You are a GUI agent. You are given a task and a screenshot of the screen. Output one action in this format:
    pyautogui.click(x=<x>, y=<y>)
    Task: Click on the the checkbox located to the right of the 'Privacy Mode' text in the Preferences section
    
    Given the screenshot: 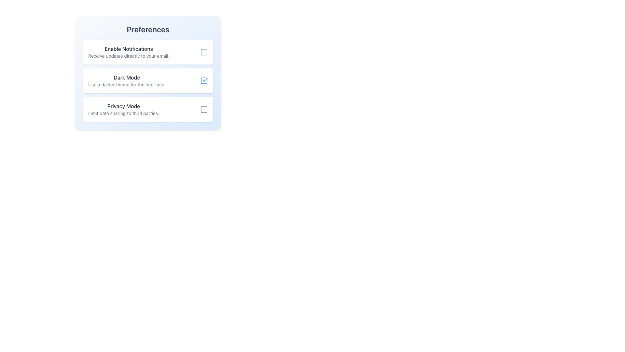 What is the action you would take?
    pyautogui.click(x=204, y=109)
    